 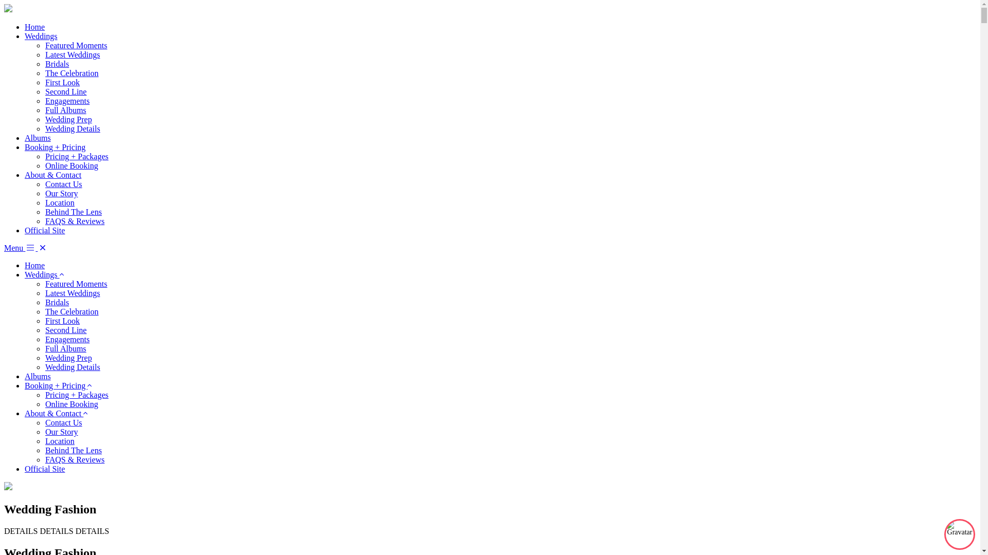 What do you see at coordinates (44, 450) in the screenshot?
I see `'Behind The Lens'` at bounding box center [44, 450].